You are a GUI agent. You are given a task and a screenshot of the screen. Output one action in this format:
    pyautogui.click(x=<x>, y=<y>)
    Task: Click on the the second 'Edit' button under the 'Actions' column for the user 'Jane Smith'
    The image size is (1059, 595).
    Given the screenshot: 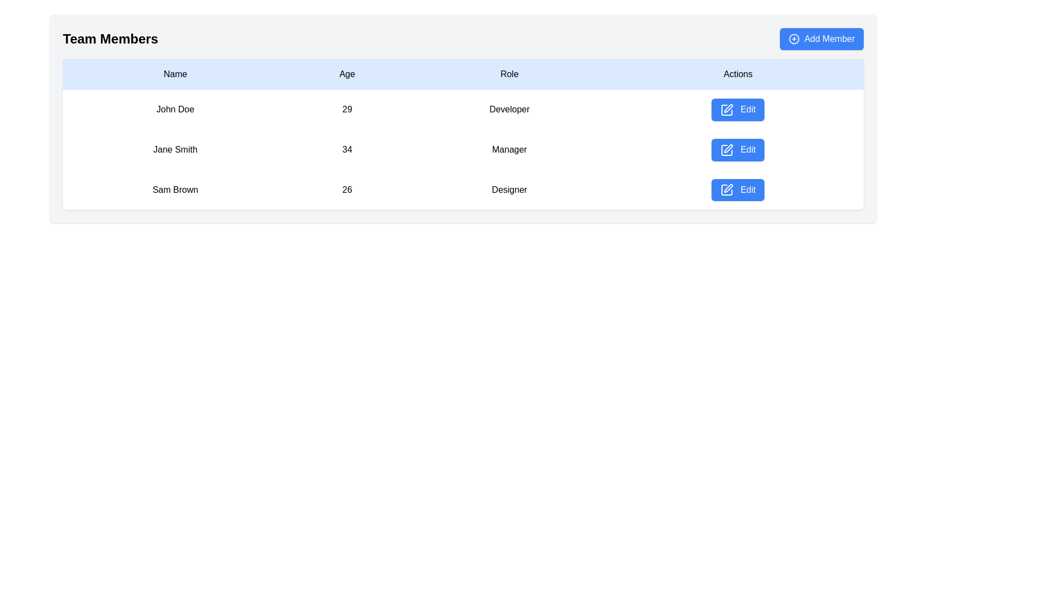 What is the action you would take?
    pyautogui.click(x=738, y=150)
    